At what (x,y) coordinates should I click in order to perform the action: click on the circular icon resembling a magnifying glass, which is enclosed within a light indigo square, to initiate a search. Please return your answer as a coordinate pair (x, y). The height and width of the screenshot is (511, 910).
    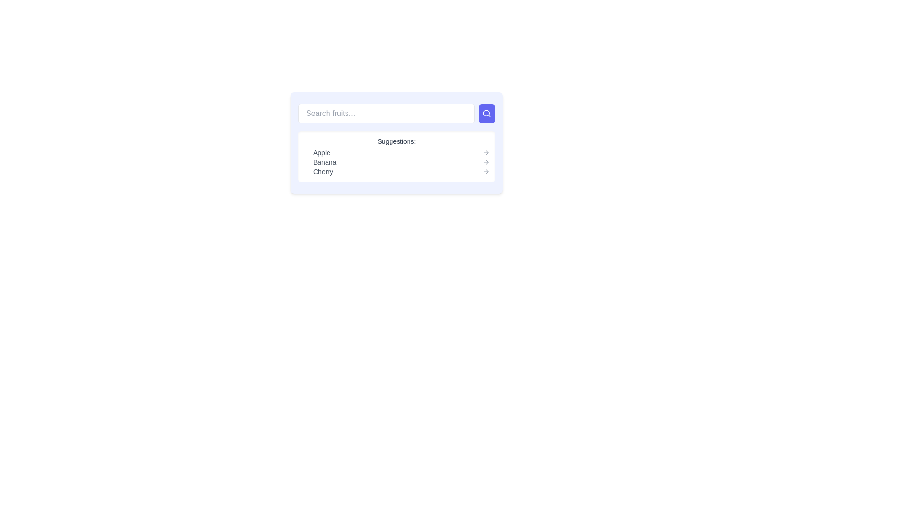
    Looking at the image, I should click on (487, 113).